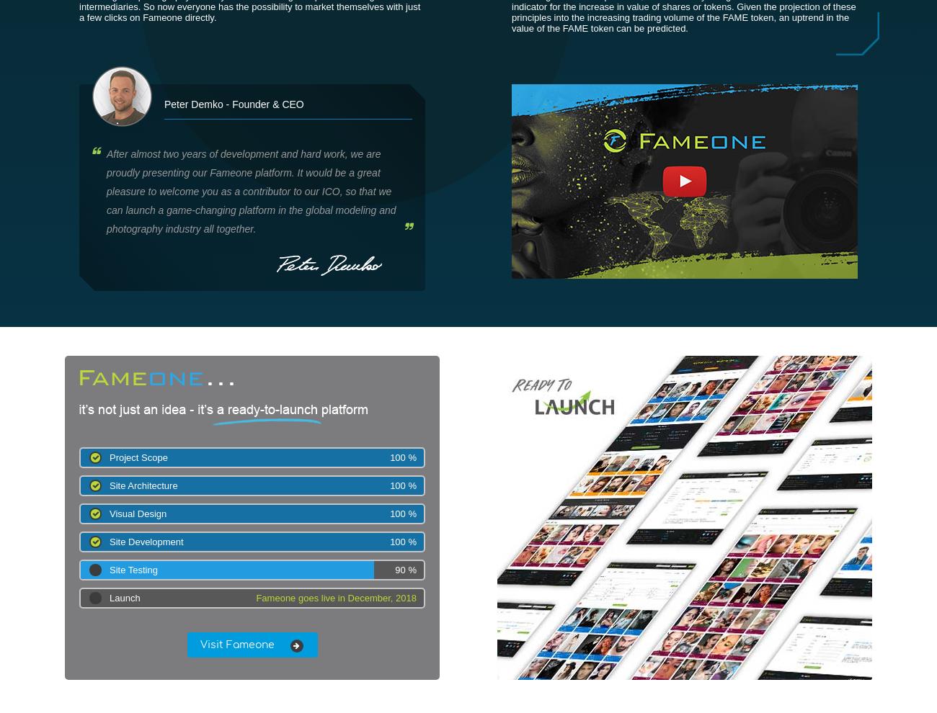 The width and height of the screenshot is (937, 713). Describe the element at coordinates (250, 192) in the screenshot. I see `'After almost two years of development and hard work, we are proudly presenting our Fameone platform.
										It would be a great pleasure to welcome you as a contributor to our ICO, so that we can
										launch a game-changing platform in the global modeling and photography industry all together.'` at that location.